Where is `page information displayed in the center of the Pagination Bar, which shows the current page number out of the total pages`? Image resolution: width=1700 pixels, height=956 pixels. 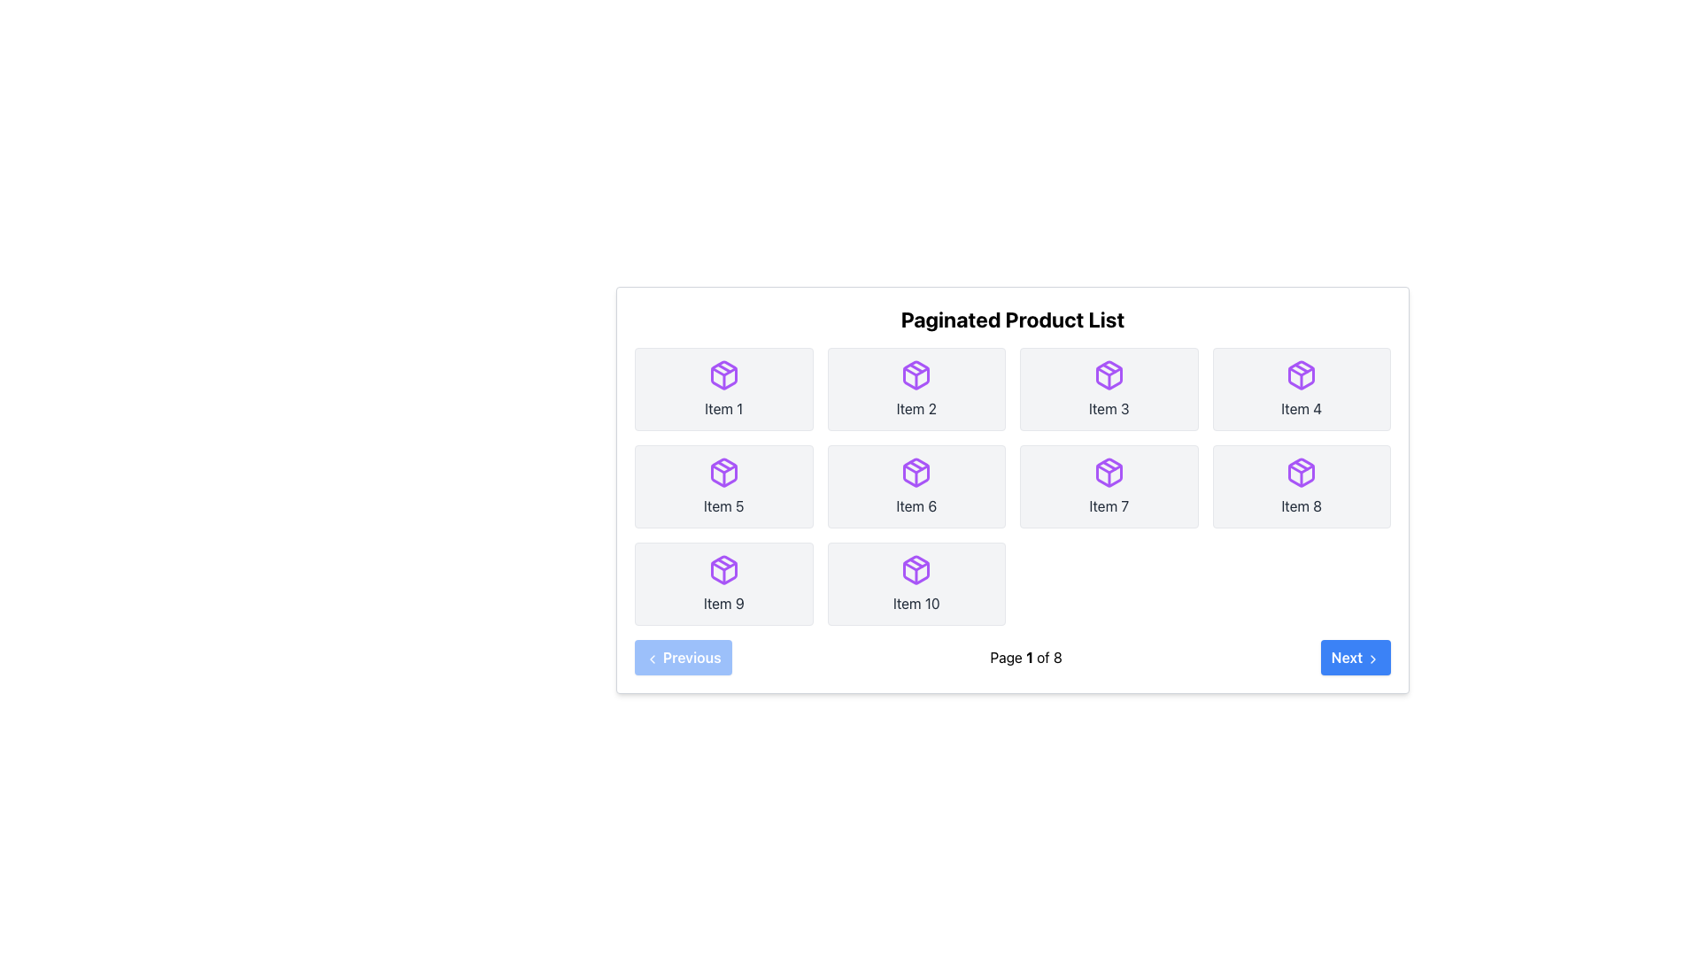
page information displayed in the center of the Pagination Bar, which shows the current page number out of the total pages is located at coordinates (1012, 658).